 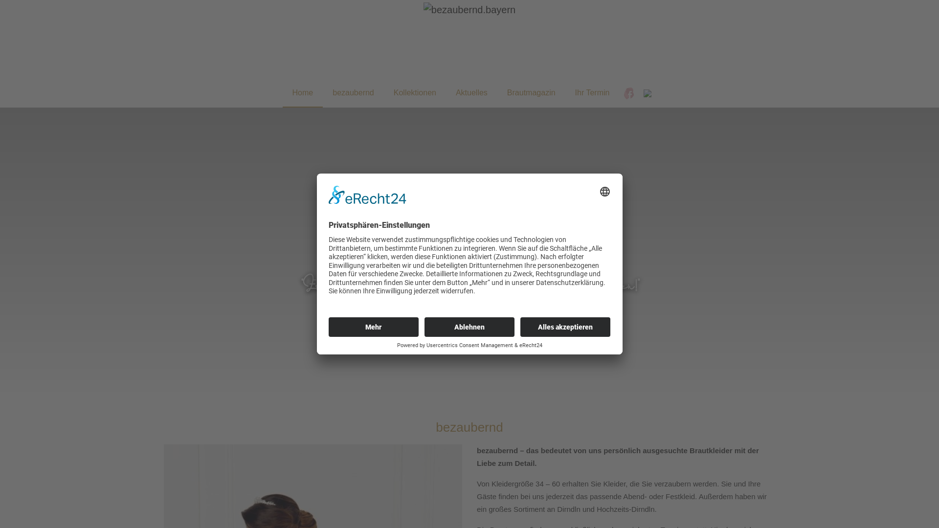 I want to click on 'Aktuelles', so click(x=471, y=92).